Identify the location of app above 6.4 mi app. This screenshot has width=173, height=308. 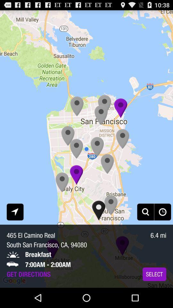
(145, 211).